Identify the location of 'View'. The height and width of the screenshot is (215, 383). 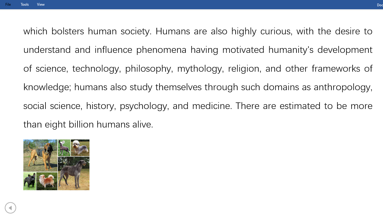
(40, 4).